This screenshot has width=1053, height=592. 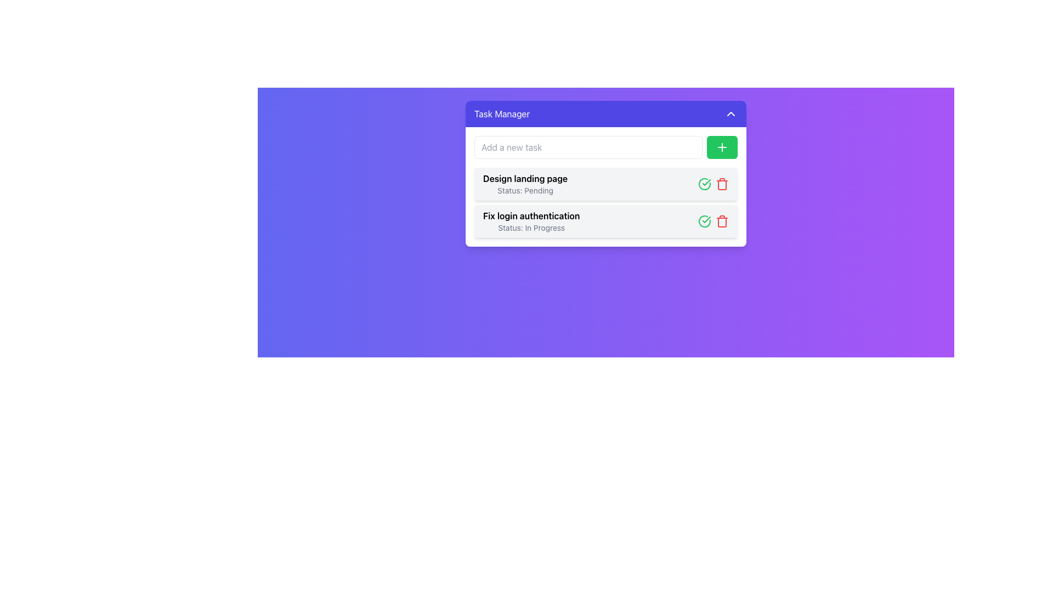 What do you see at coordinates (722, 183) in the screenshot?
I see `the deletion icon located to the far right of the 'Fix login authentication' task entry` at bounding box center [722, 183].